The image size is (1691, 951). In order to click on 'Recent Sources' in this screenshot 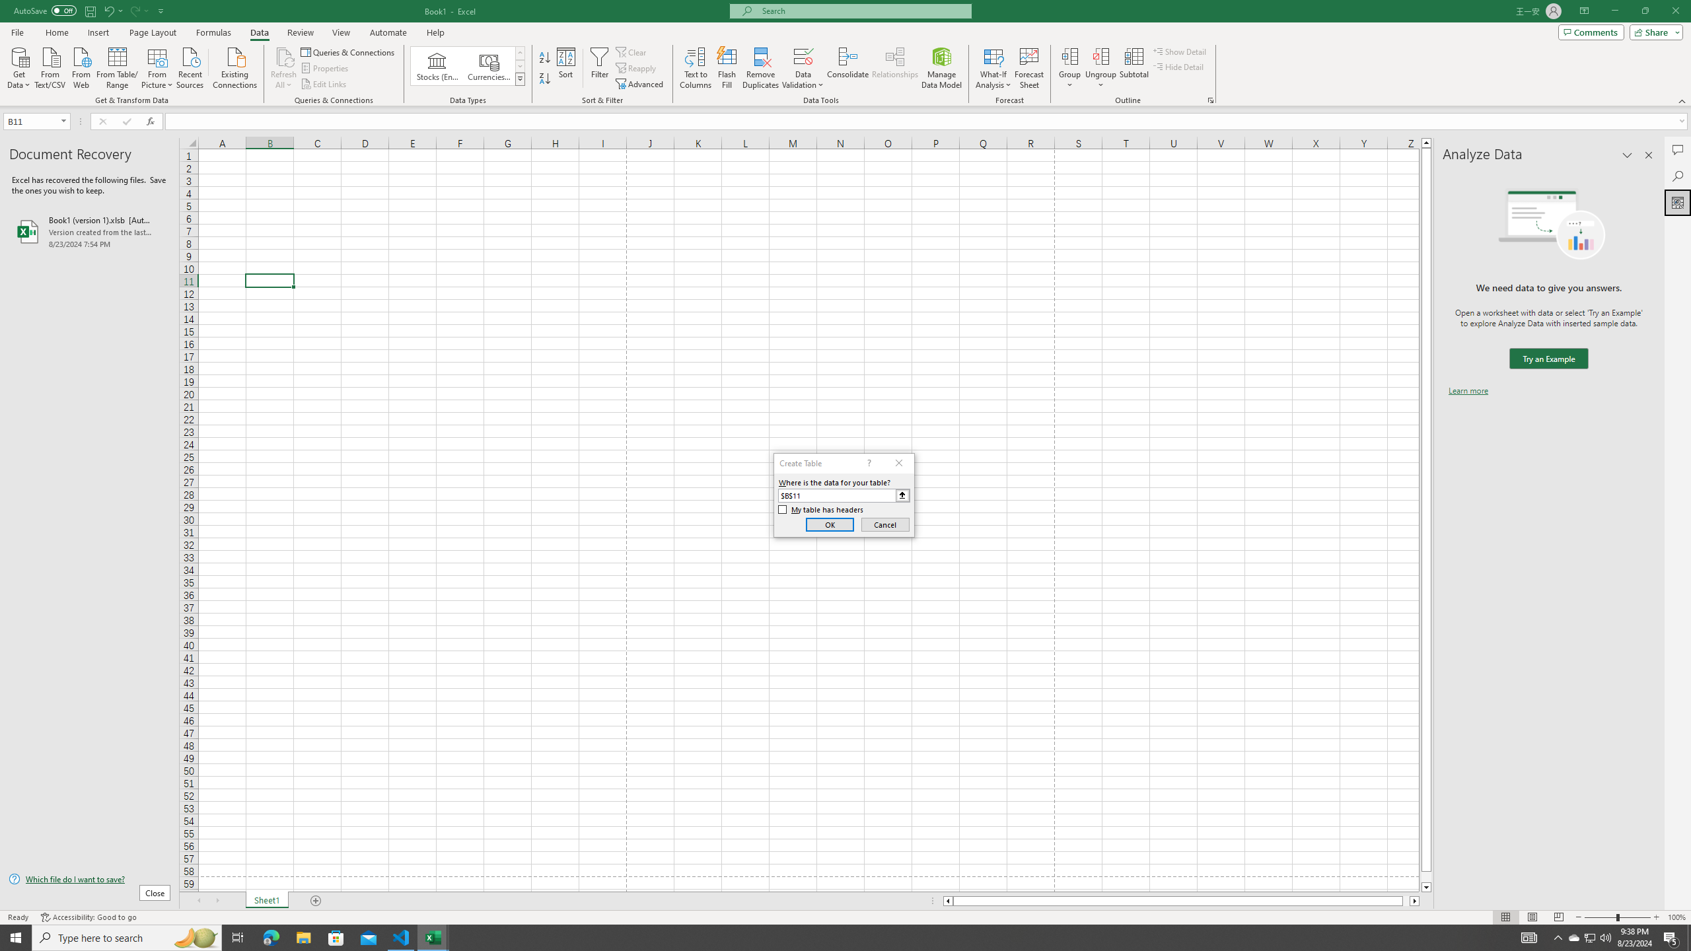, I will do `click(190, 66)`.